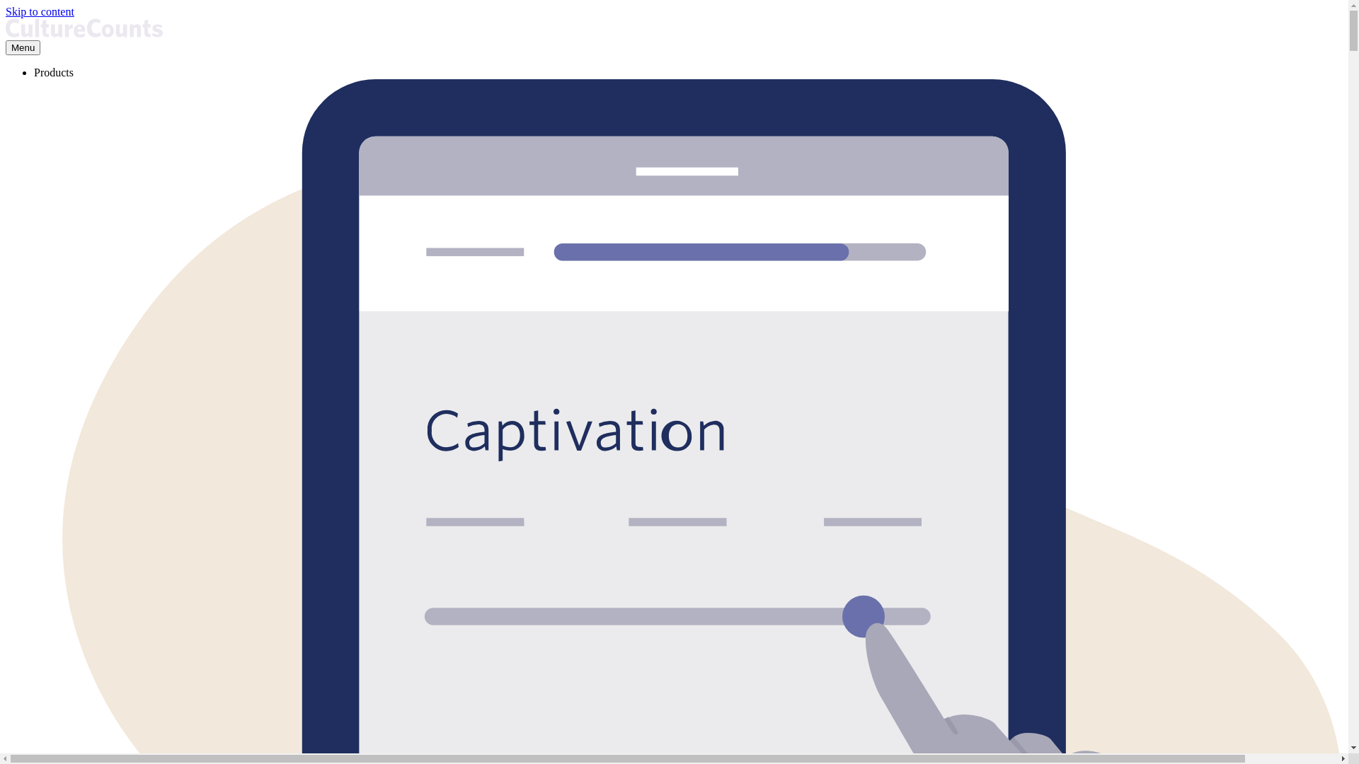 This screenshot has height=764, width=1359. What do you see at coordinates (54, 72) in the screenshot?
I see `'Products'` at bounding box center [54, 72].